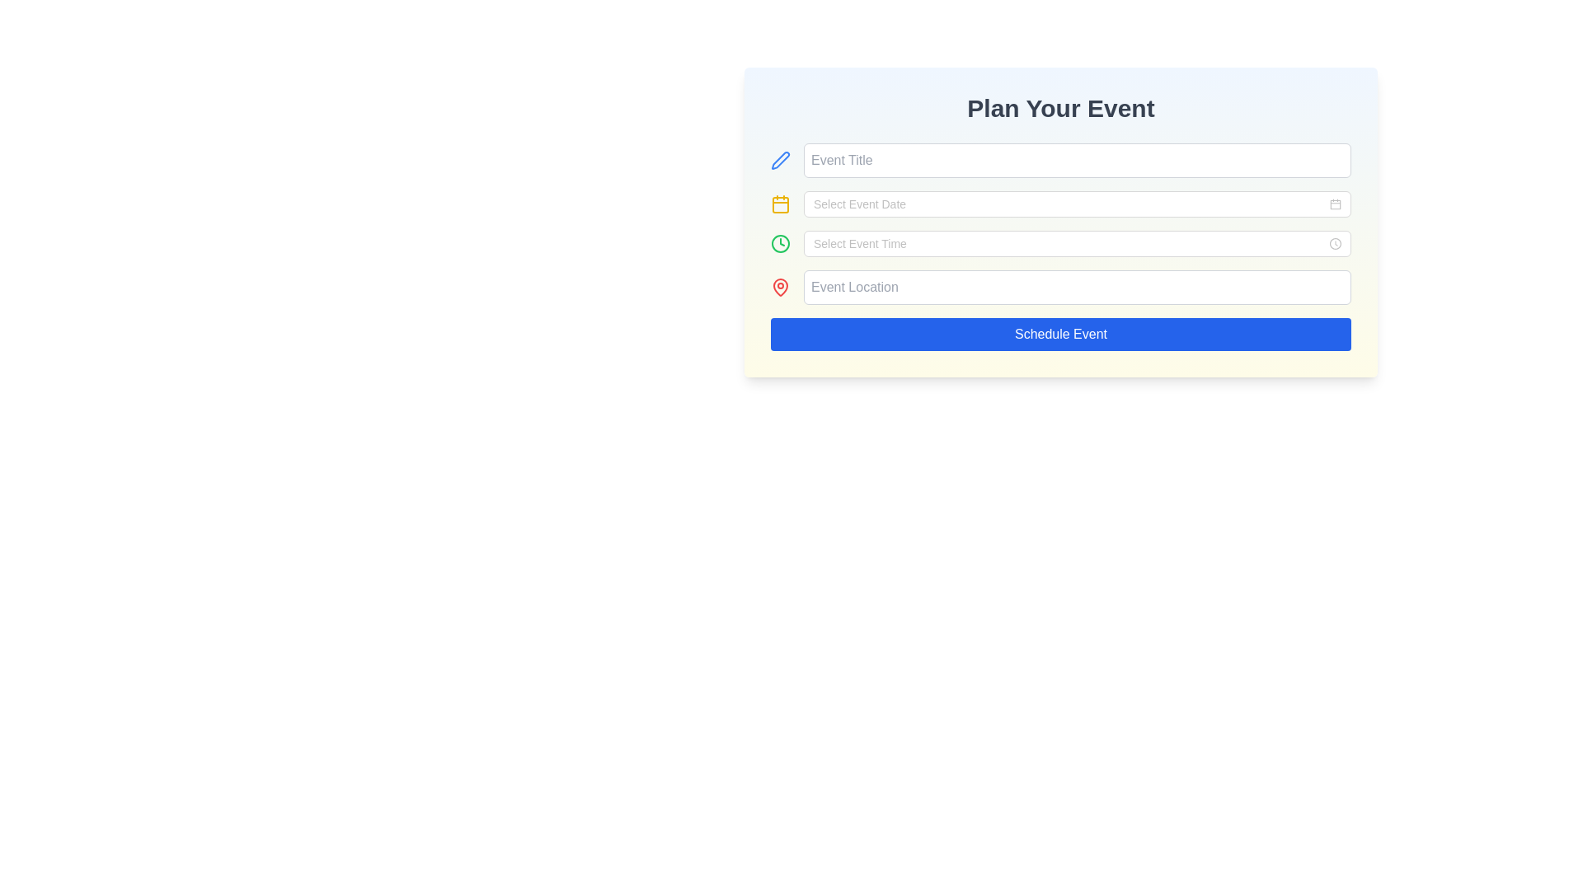  Describe the element at coordinates (779, 161) in the screenshot. I see `the icon representing the 'Event Title' input field to read any available tooltip` at that location.